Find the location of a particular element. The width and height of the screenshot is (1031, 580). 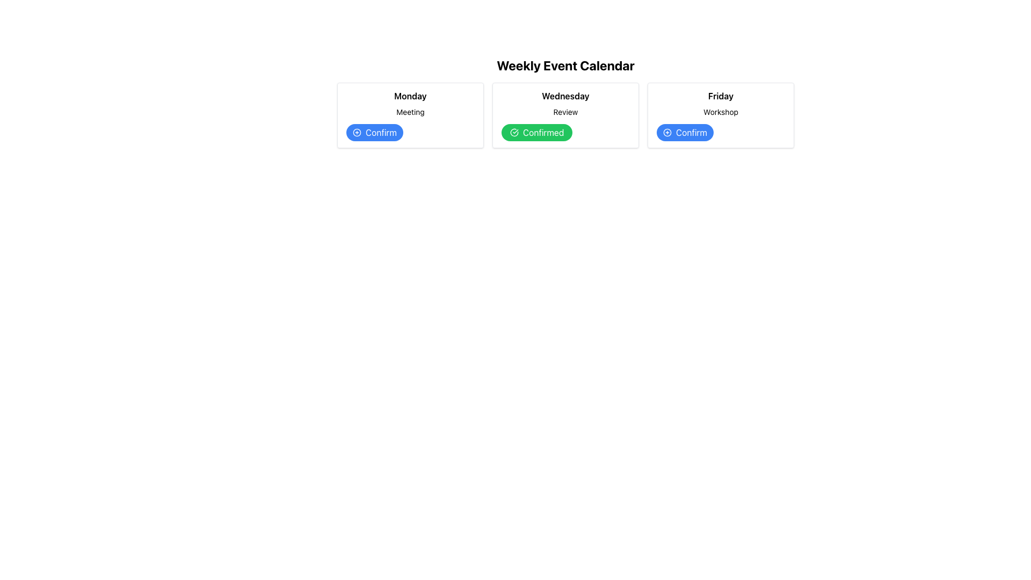

the SVG Circle icon located in the middle of the 'Confirm' button within the rightmost card labeled 'Friday Workshop' under the 'Weekly Event Calendar' is located at coordinates (667, 132).